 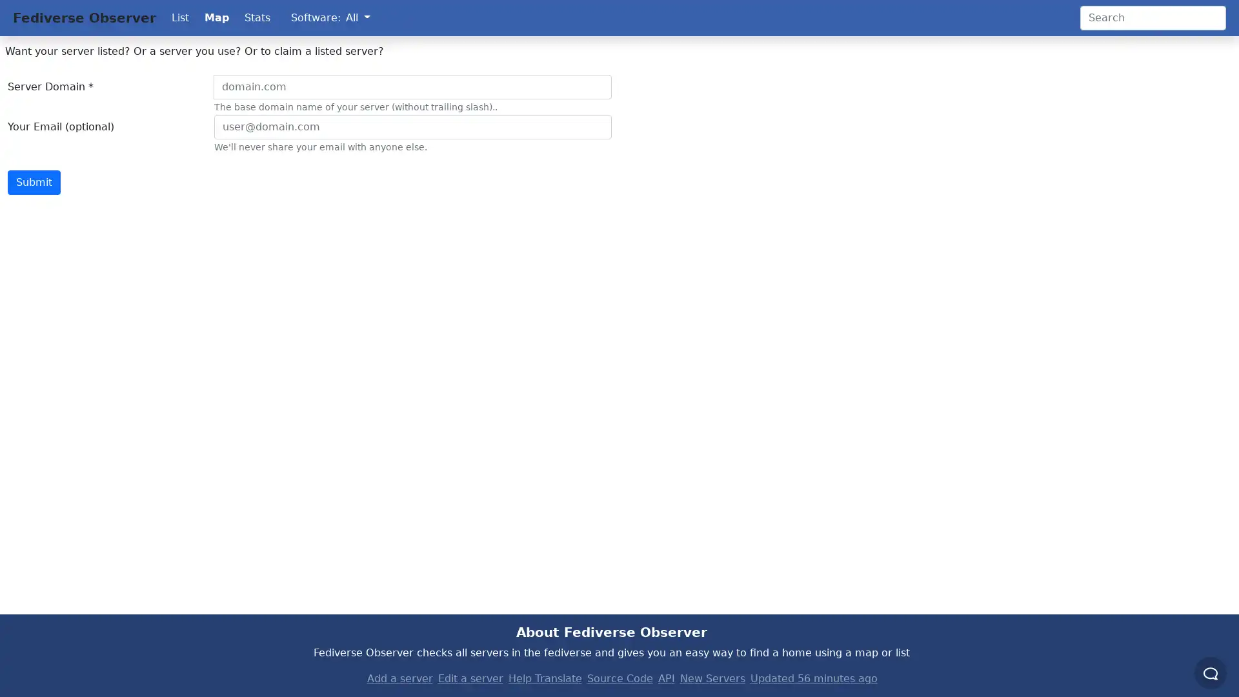 I want to click on Submit, so click(x=34, y=182).